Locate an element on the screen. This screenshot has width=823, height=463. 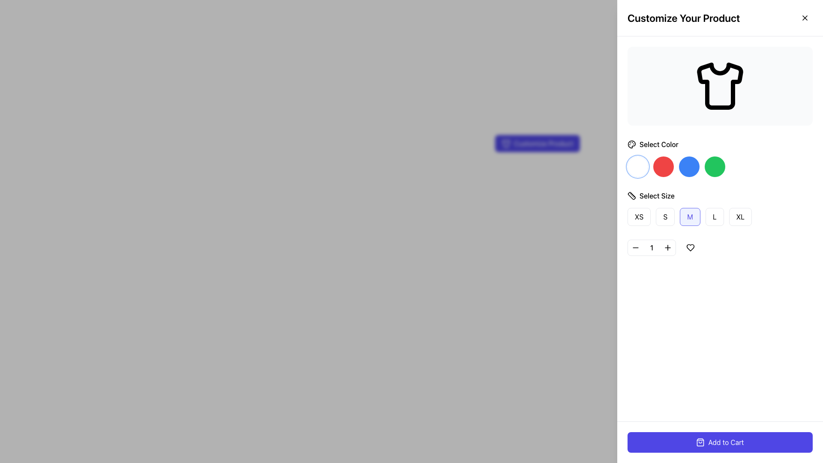
the fourth button in the 'Select Color' section is located at coordinates (715, 167).